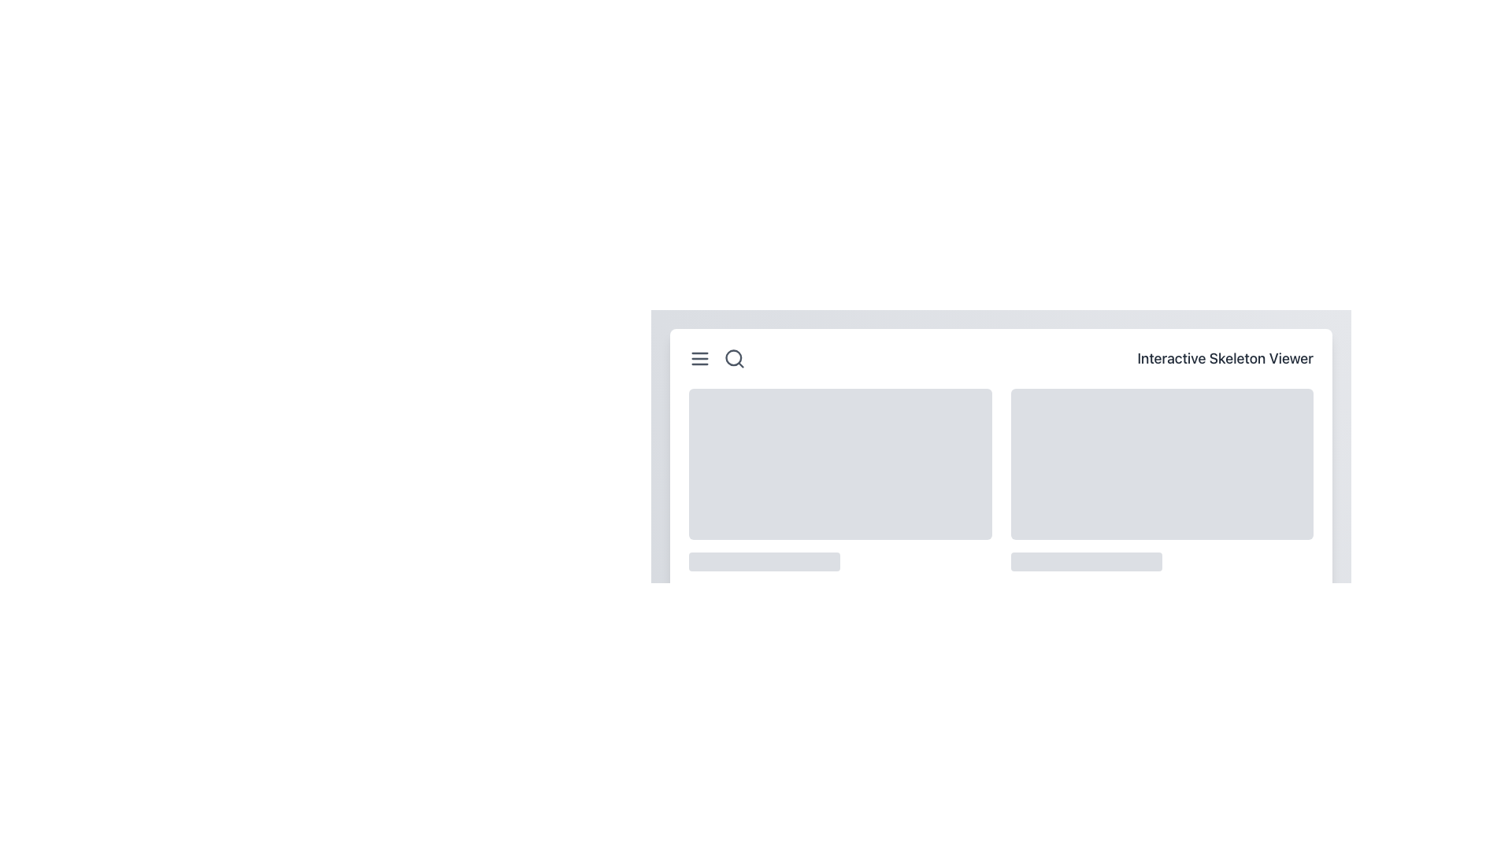 Image resolution: width=1512 pixels, height=850 pixels. What do you see at coordinates (717, 358) in the screenshot?
I see `the menu icon button located at the top-left of the toolbar` at bounding box center [717, 358].